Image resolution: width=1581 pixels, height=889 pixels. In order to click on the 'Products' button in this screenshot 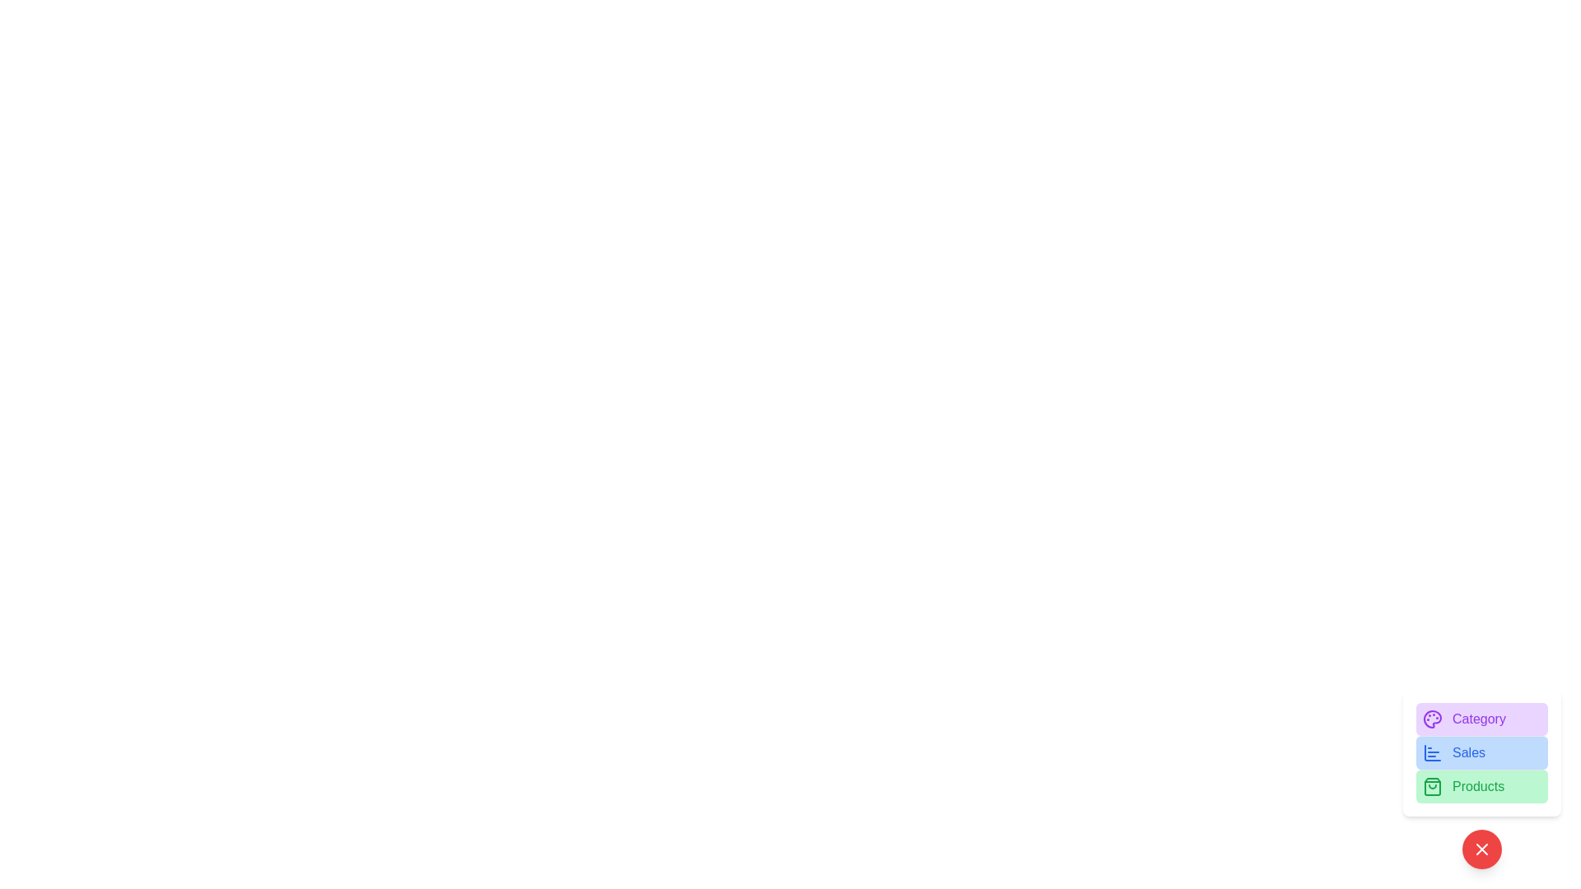, I will do `click(1482, 785)`.